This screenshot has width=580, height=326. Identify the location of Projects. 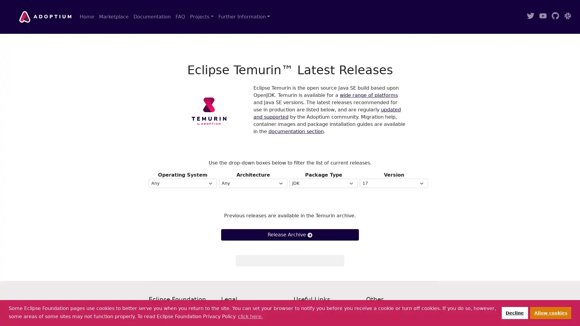
(201, 17).